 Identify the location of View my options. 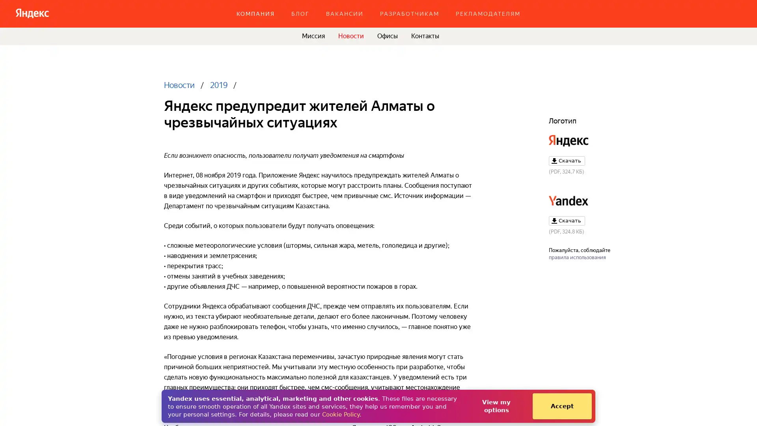
(496, 406).